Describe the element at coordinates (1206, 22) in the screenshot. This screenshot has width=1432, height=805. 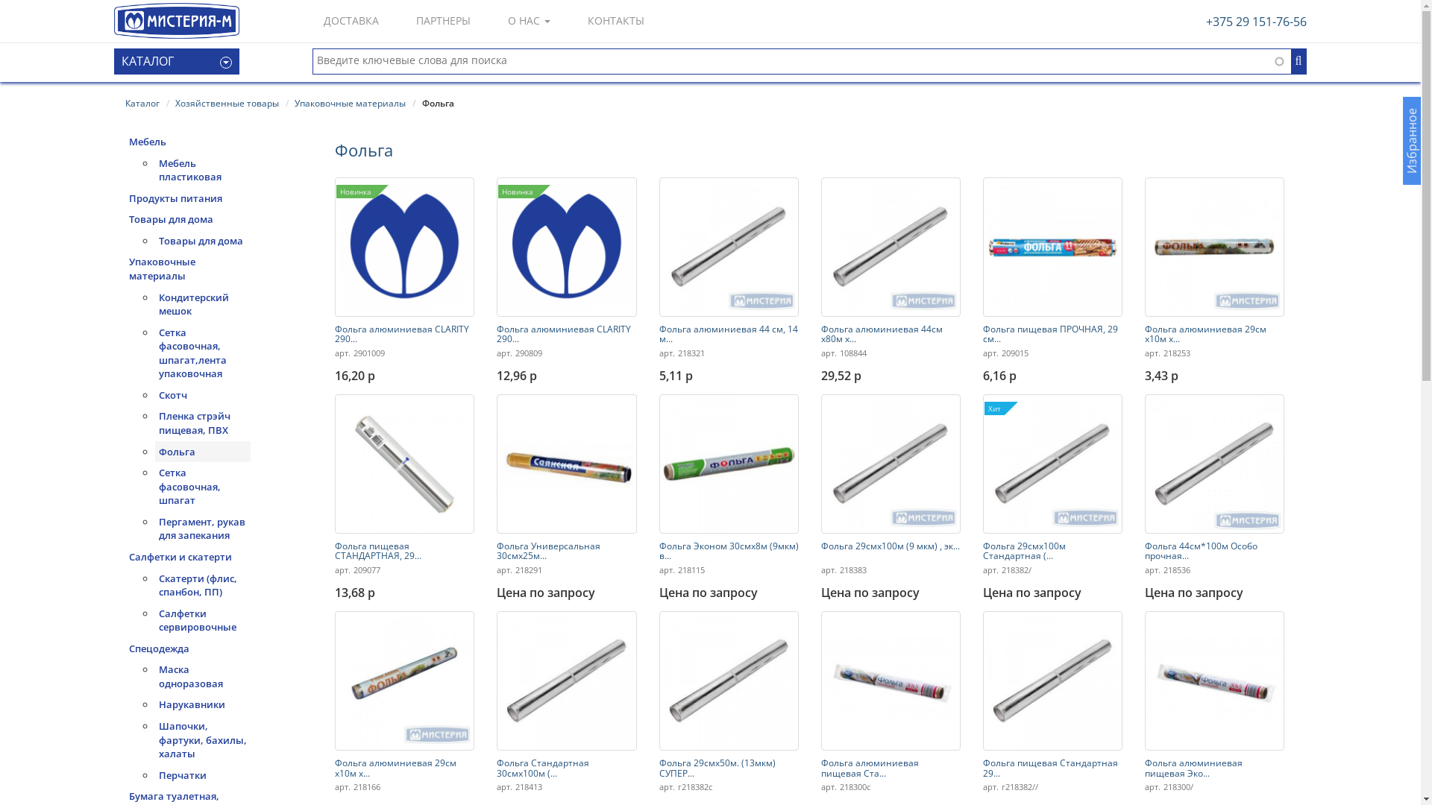
I see `'+375 29 151-76-56'` at that location.